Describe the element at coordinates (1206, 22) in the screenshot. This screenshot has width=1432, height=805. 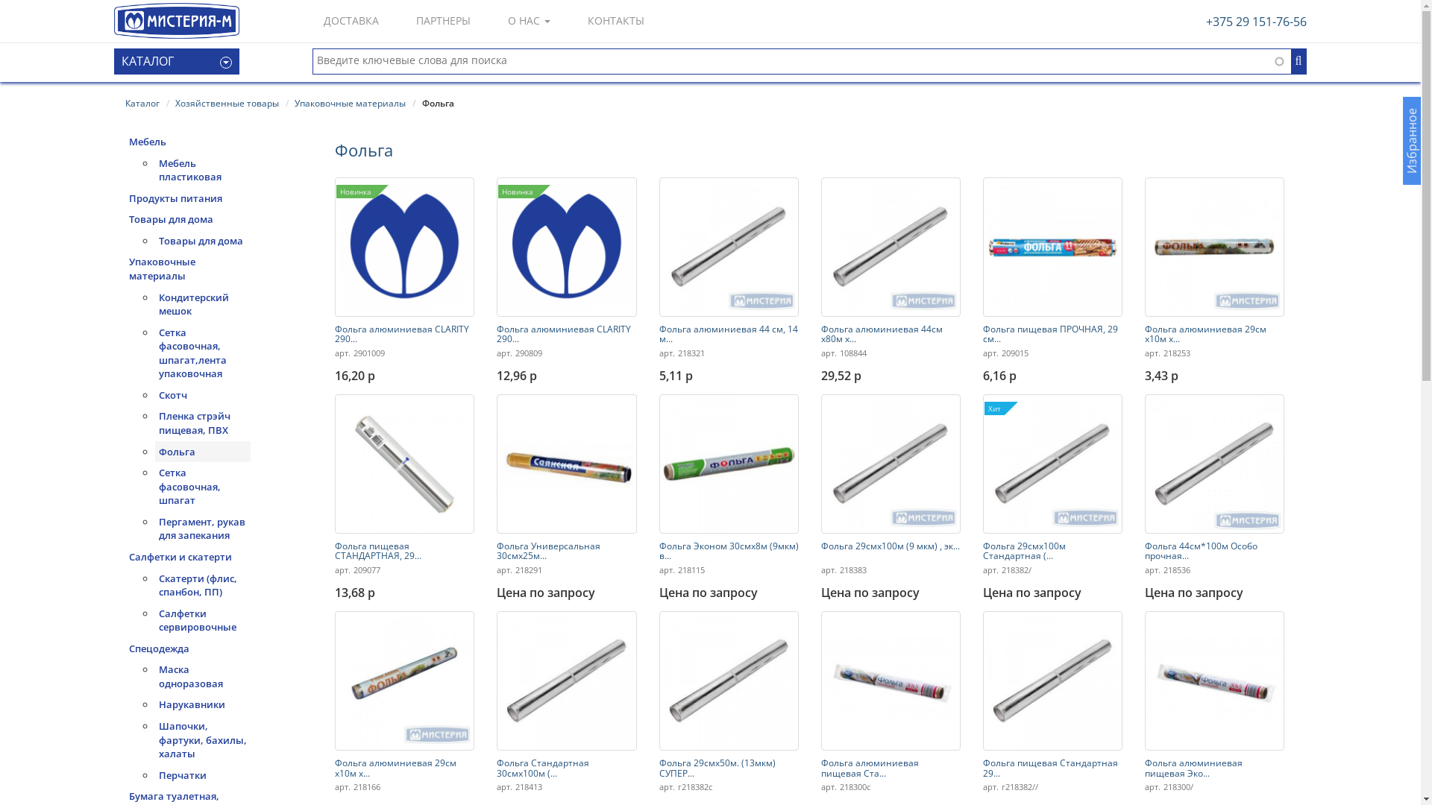
I see `'+375 29 151-76-56'` at that location.